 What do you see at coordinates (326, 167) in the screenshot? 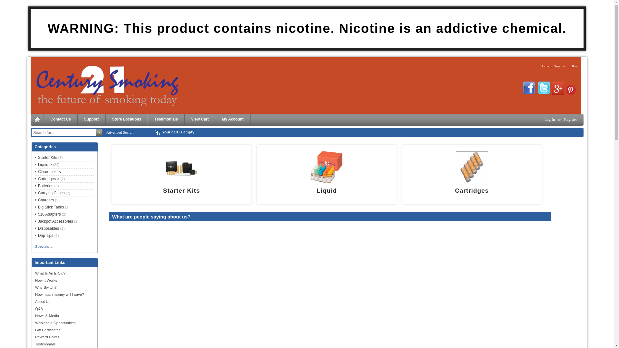
I see `'Liquid'` at bounding box center [326, 167].